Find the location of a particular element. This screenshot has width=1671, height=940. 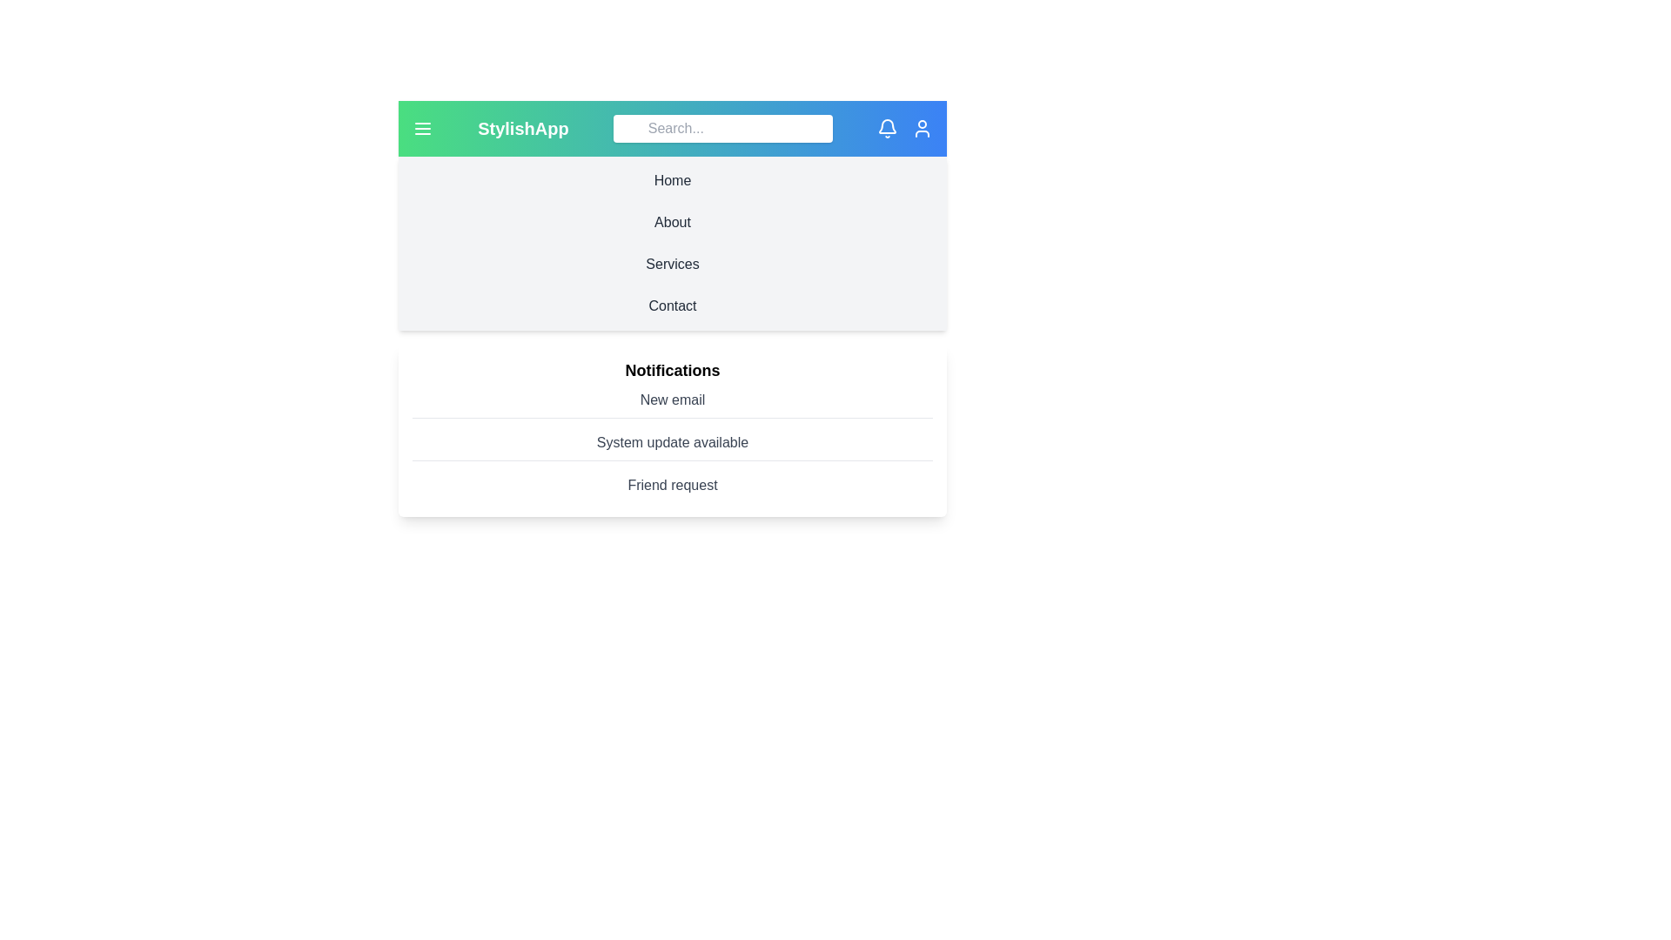

the navigation section Contact is located at coordinates (671, 305).